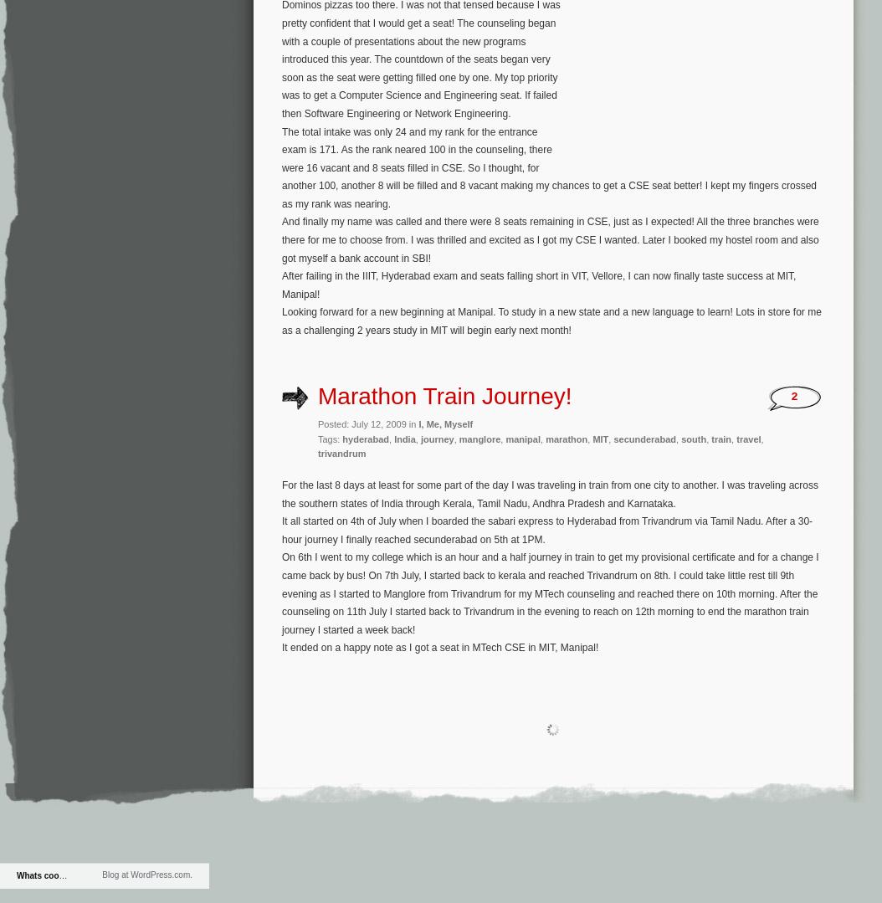  I want to click on '2', so click(794, 395).